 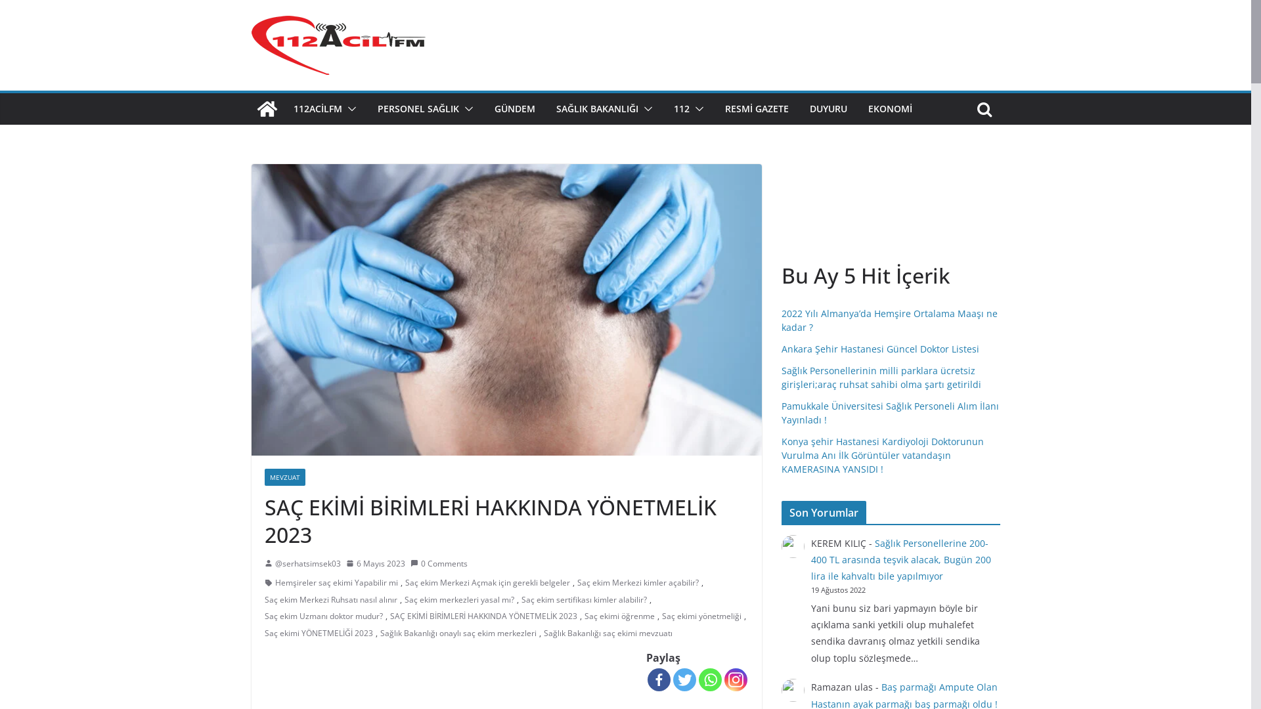 What do you see at coordinates (283, 477) in the screenshot?
I see `'MEVZUAT'` at bounding box center [283, 477].